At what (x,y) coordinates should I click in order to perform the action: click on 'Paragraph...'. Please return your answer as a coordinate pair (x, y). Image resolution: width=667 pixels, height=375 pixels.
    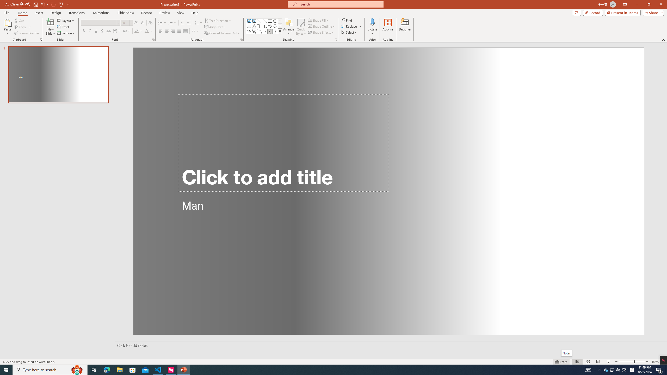
    Looking at the image, I should click on (241, 39).